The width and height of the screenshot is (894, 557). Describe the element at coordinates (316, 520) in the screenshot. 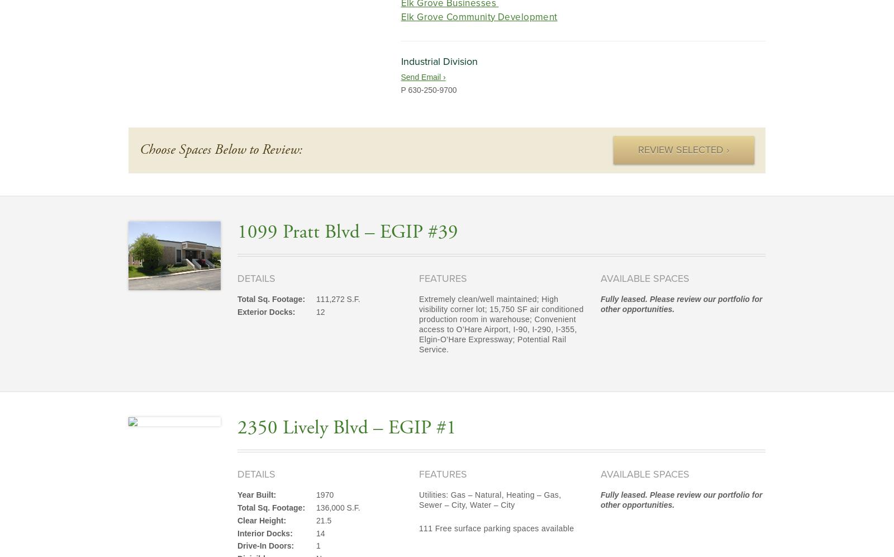

I see `'21.5'` at that location.